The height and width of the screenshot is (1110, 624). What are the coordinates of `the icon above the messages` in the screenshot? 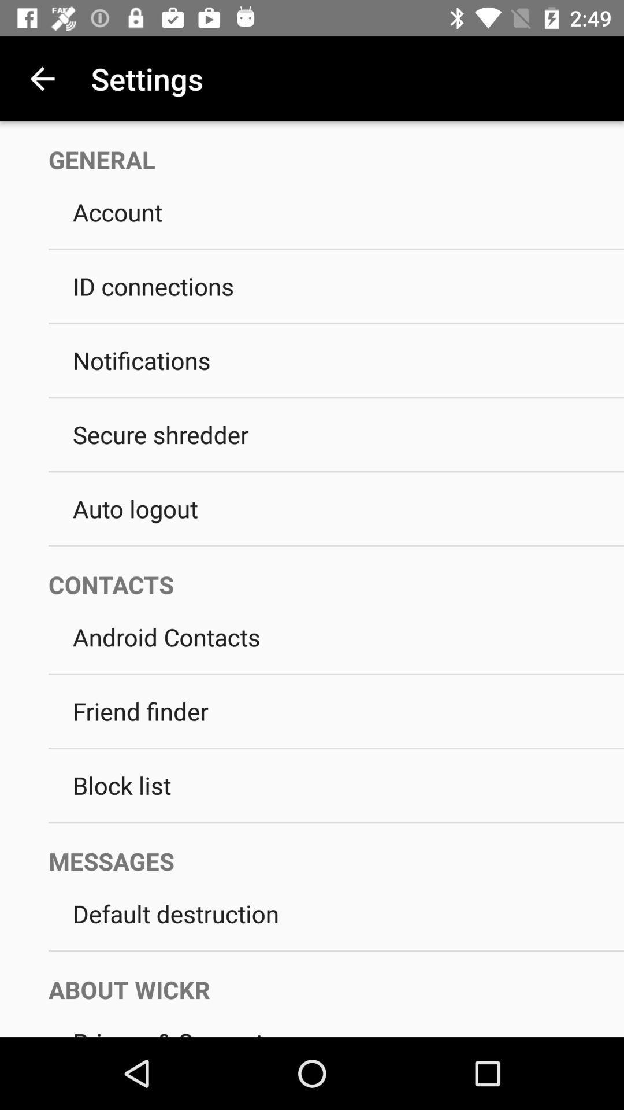 It's located at (336, 822).